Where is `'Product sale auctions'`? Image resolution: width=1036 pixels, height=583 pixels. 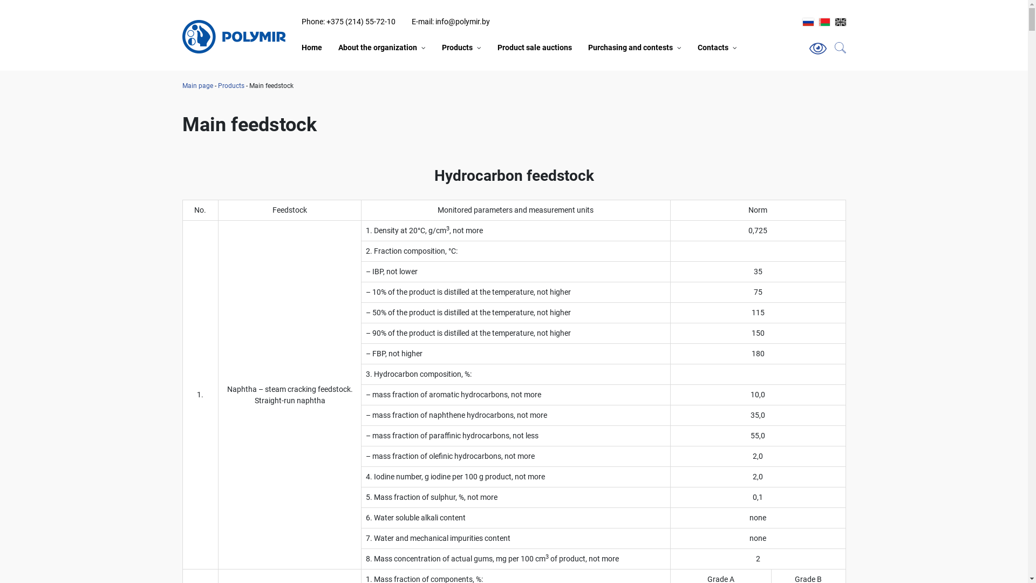
'Product sale auctions' is located at coordinates (534, 47).